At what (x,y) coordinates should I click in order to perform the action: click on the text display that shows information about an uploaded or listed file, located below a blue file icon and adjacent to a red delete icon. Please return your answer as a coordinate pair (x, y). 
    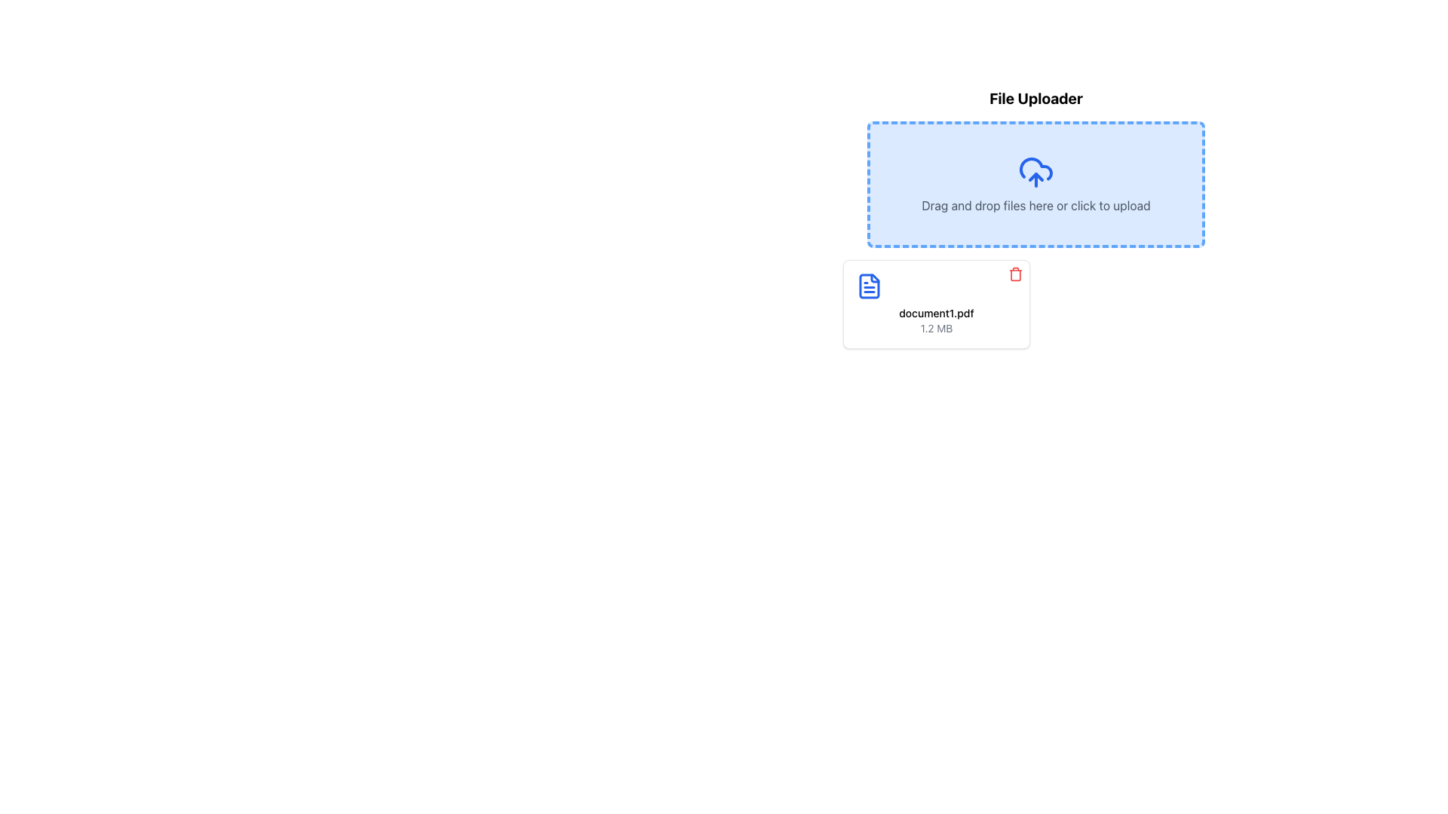
    Looking at the image, I should click on (936, 320).